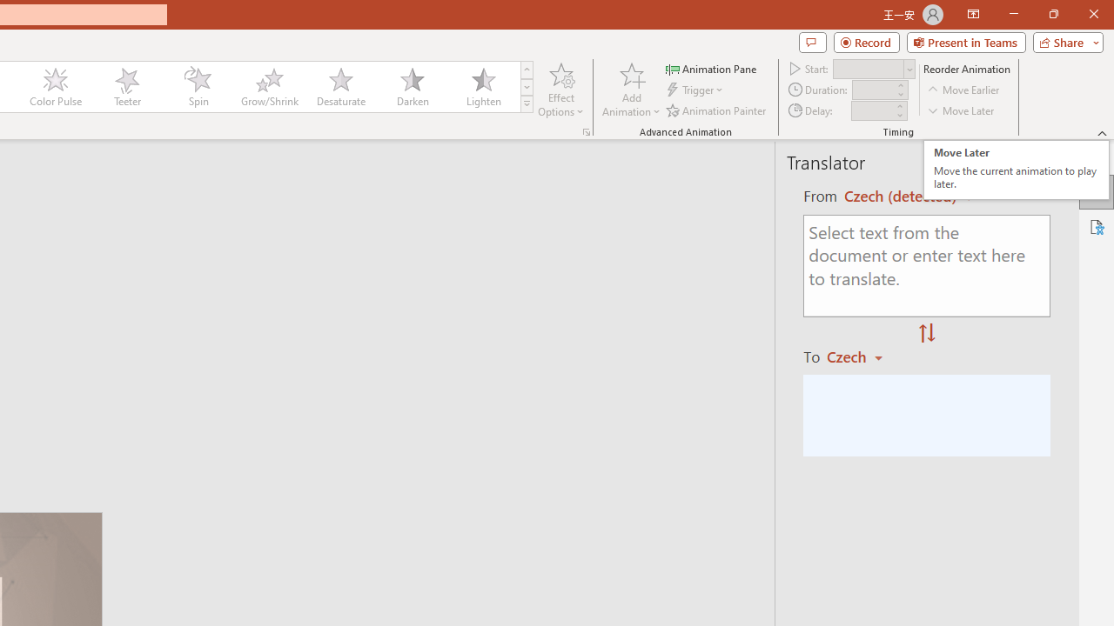 The height and width of the screenshot is (626, 1114). What do you see at coordinates (717, 110) in the screenshot?
I see `'Animation Painter'` at bounding box center [717, 110].